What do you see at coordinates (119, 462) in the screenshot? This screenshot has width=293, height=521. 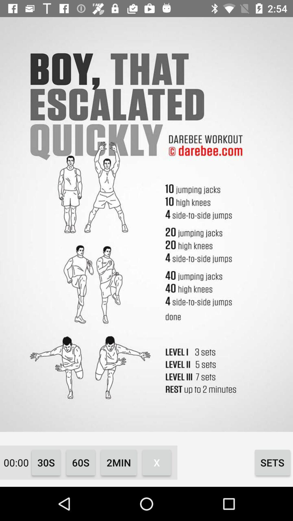 I see `icon to the right of 60s icon` at bounding box center [119, 462].